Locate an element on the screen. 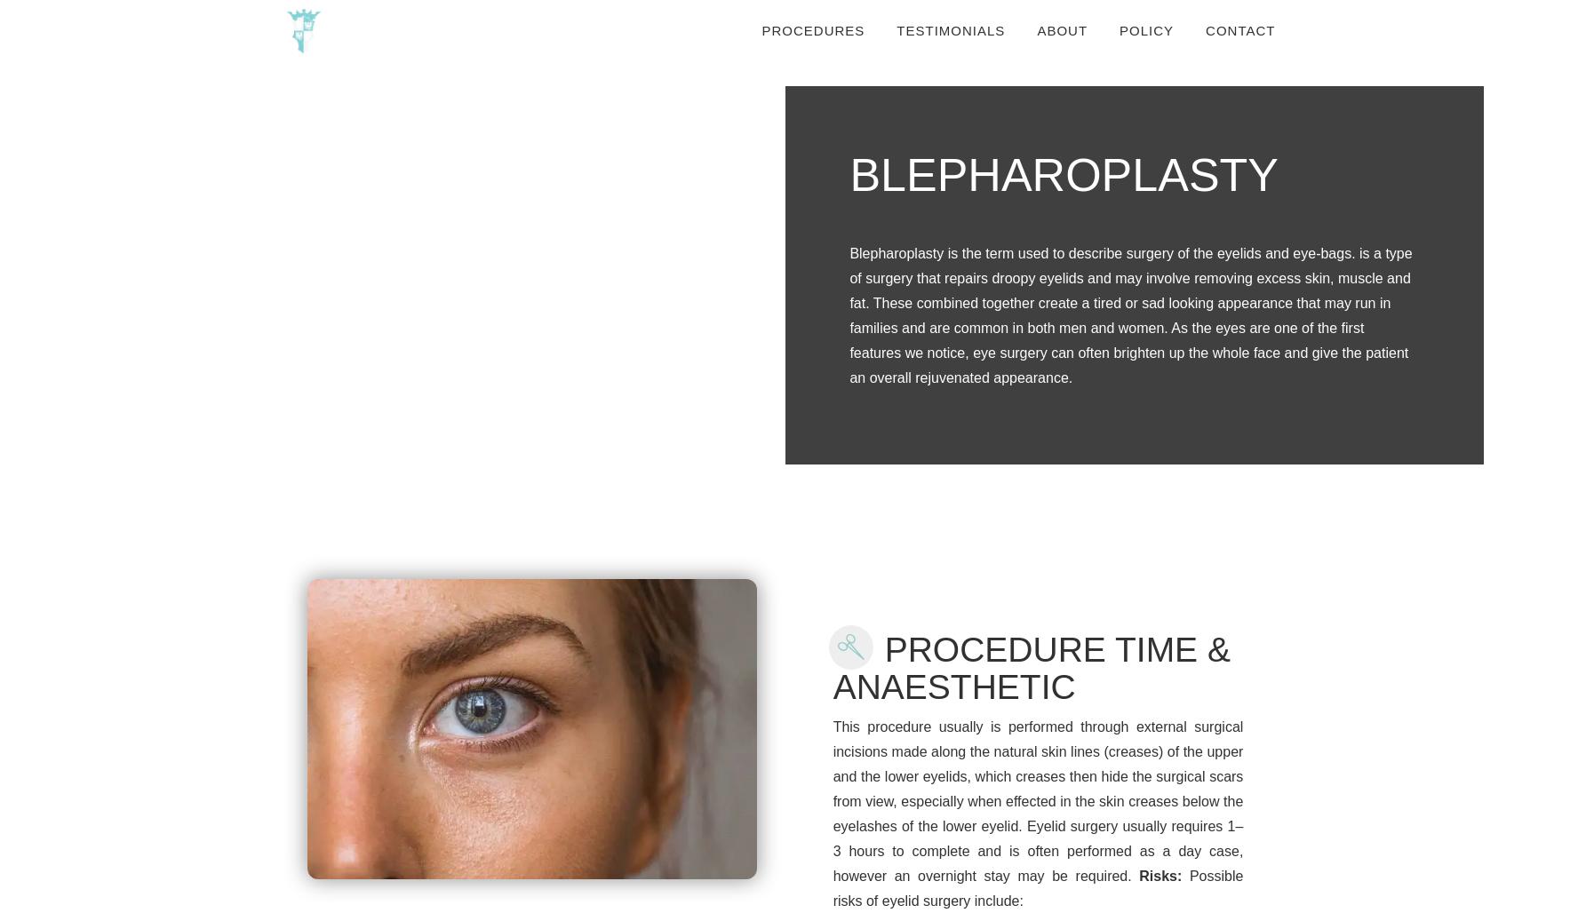 This screenshot has width=1570, height=913. 'About' is located at coordinates (1061, 30).